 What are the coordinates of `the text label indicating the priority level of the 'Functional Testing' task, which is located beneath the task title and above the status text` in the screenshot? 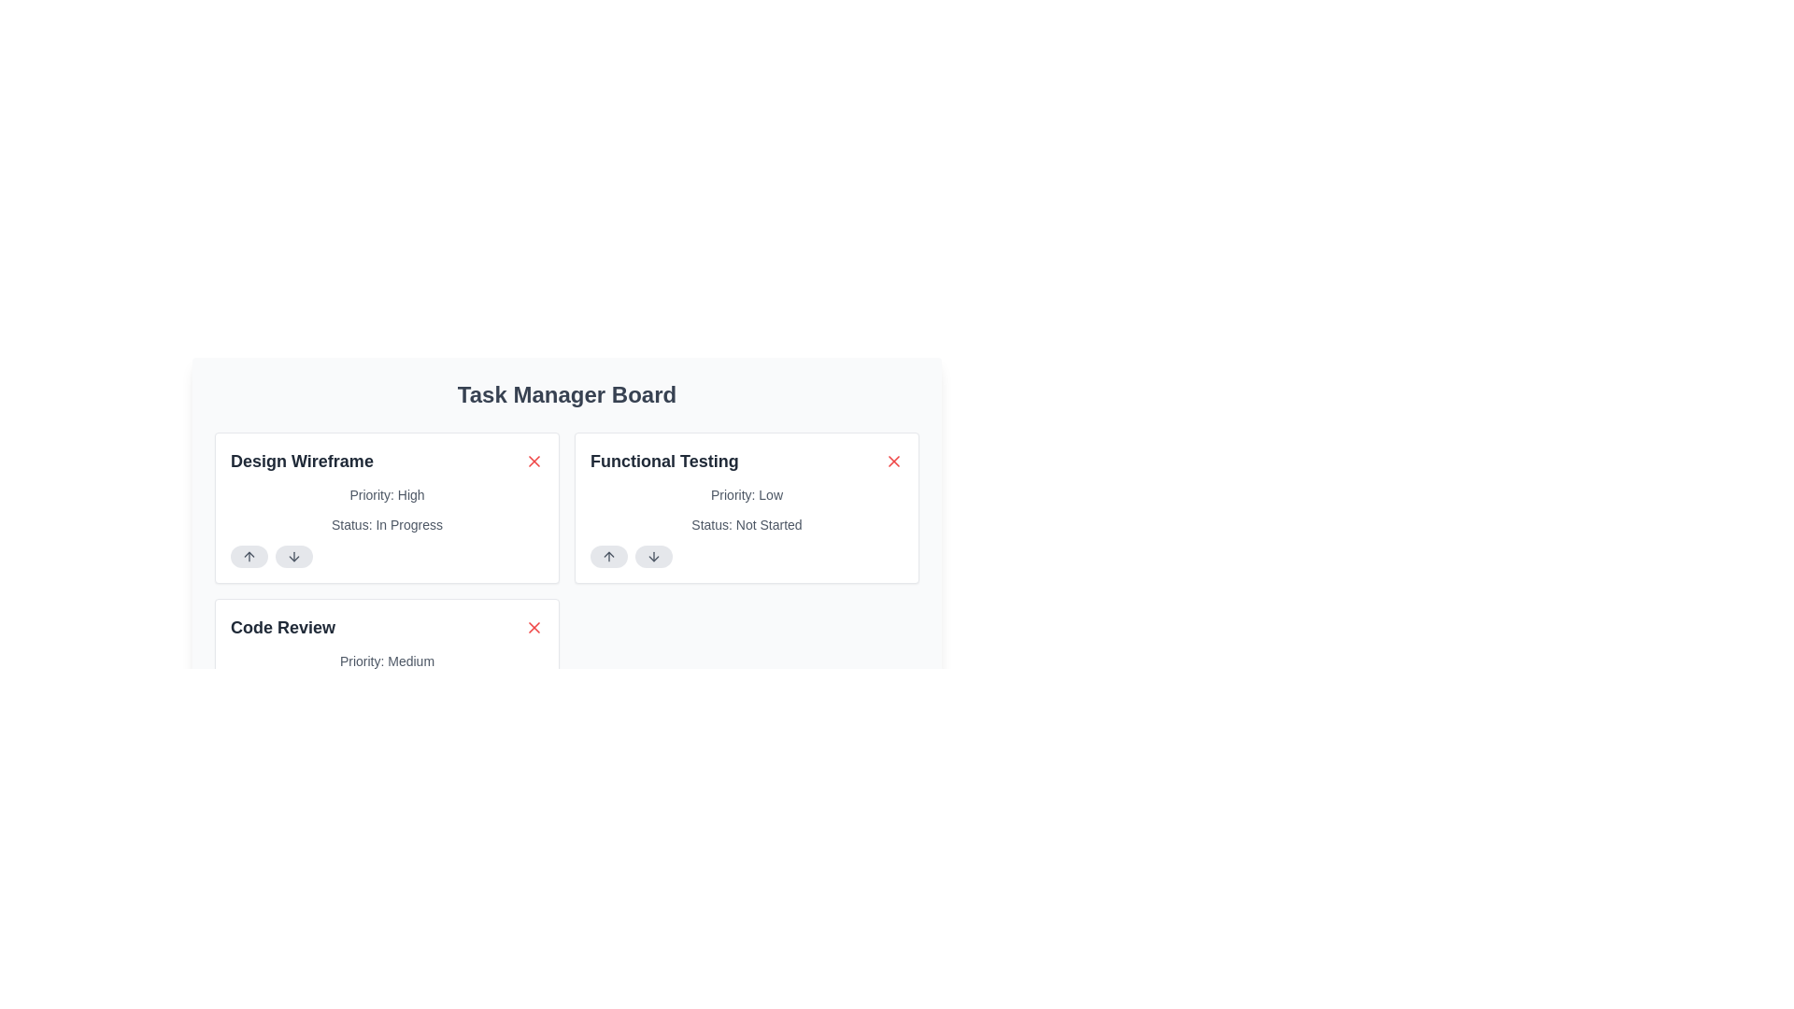 It's located at (746, 493).